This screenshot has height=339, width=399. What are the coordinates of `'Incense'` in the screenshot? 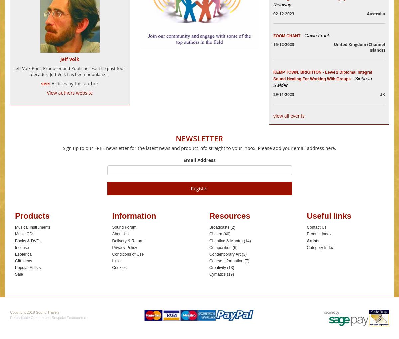 It's located at (22, 247).